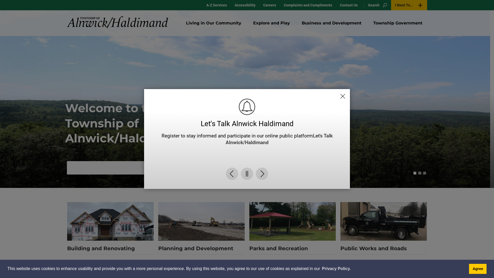  I want to click on 'Careers', so click(259, 5).